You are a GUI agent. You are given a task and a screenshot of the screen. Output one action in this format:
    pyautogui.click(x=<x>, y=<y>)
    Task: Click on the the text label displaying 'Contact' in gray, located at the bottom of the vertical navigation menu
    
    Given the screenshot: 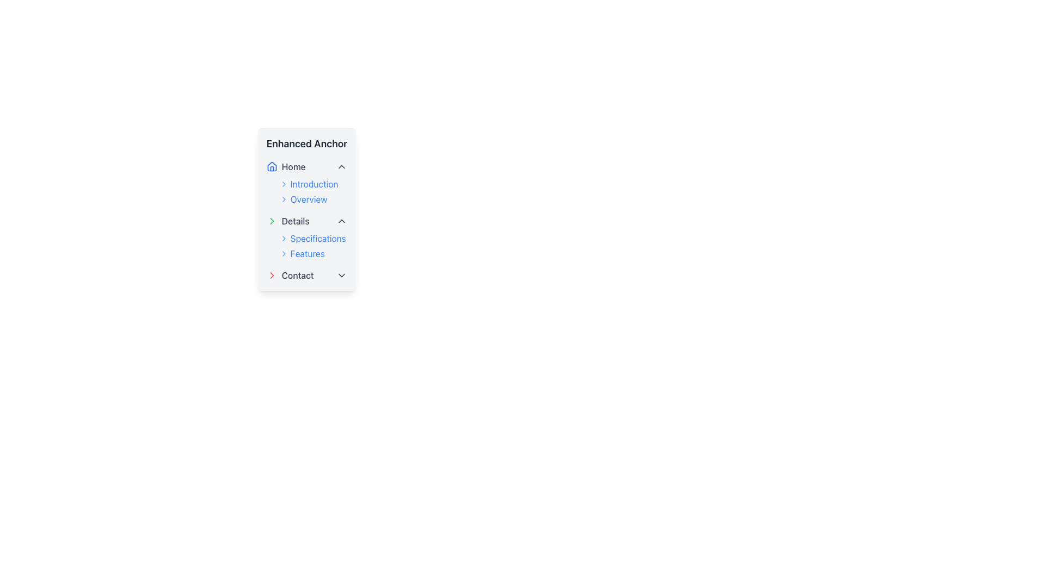 What is the action you would take?
    pyautogui.click(x=298, y=274)
    